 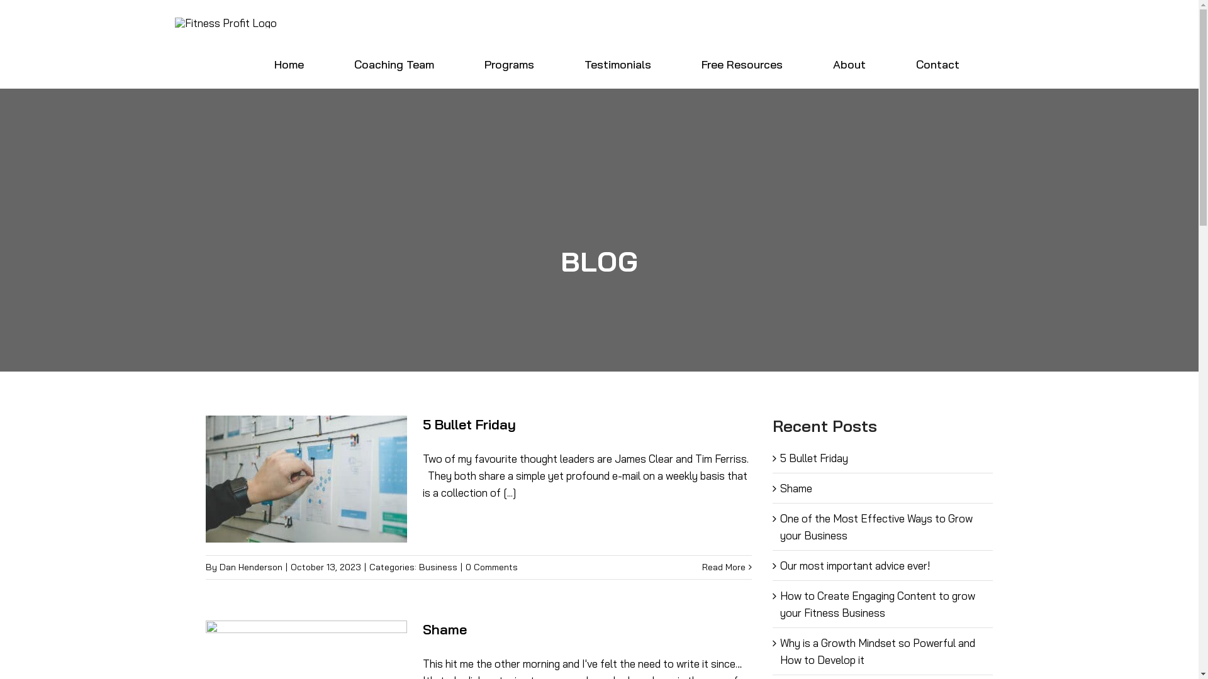 What do you see at coordinates (337, 64) in the screenshot?
I see `'Coaching Team'` at bounding box center [337, 64].